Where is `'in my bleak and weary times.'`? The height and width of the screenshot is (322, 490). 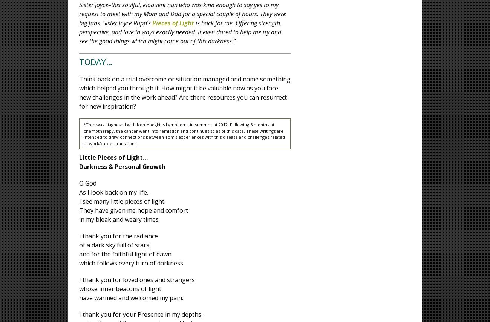 'in my bleak and weary times.' is located at coordinates (119, 219).